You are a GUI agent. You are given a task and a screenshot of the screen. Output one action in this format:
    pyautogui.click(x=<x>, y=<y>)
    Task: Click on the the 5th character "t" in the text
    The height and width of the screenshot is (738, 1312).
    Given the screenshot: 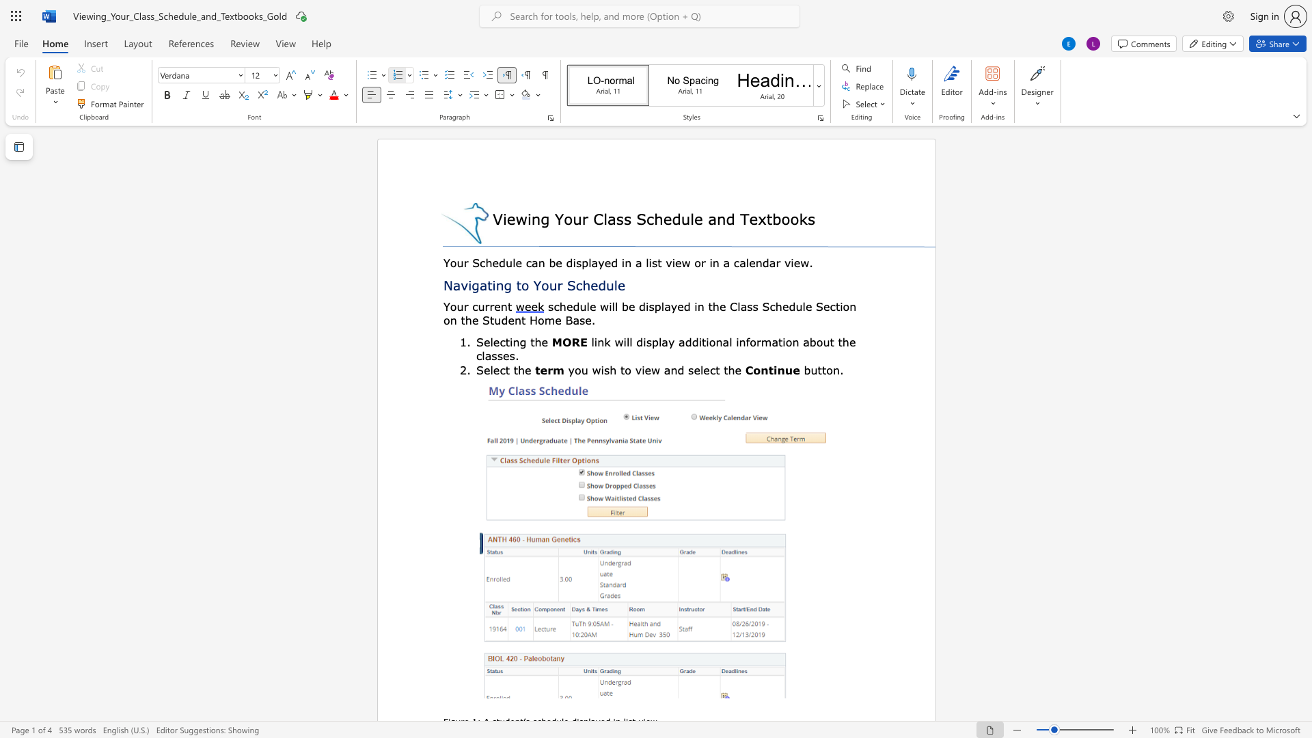 What is the action you would take?
    pyautogui.click(x=523, y=320)
    